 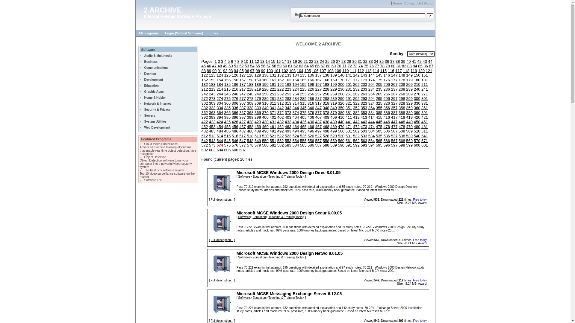 What do you see at coordinates (371, 89) in the screenshot?
I see `'234'` at bounding box center [371, 89].